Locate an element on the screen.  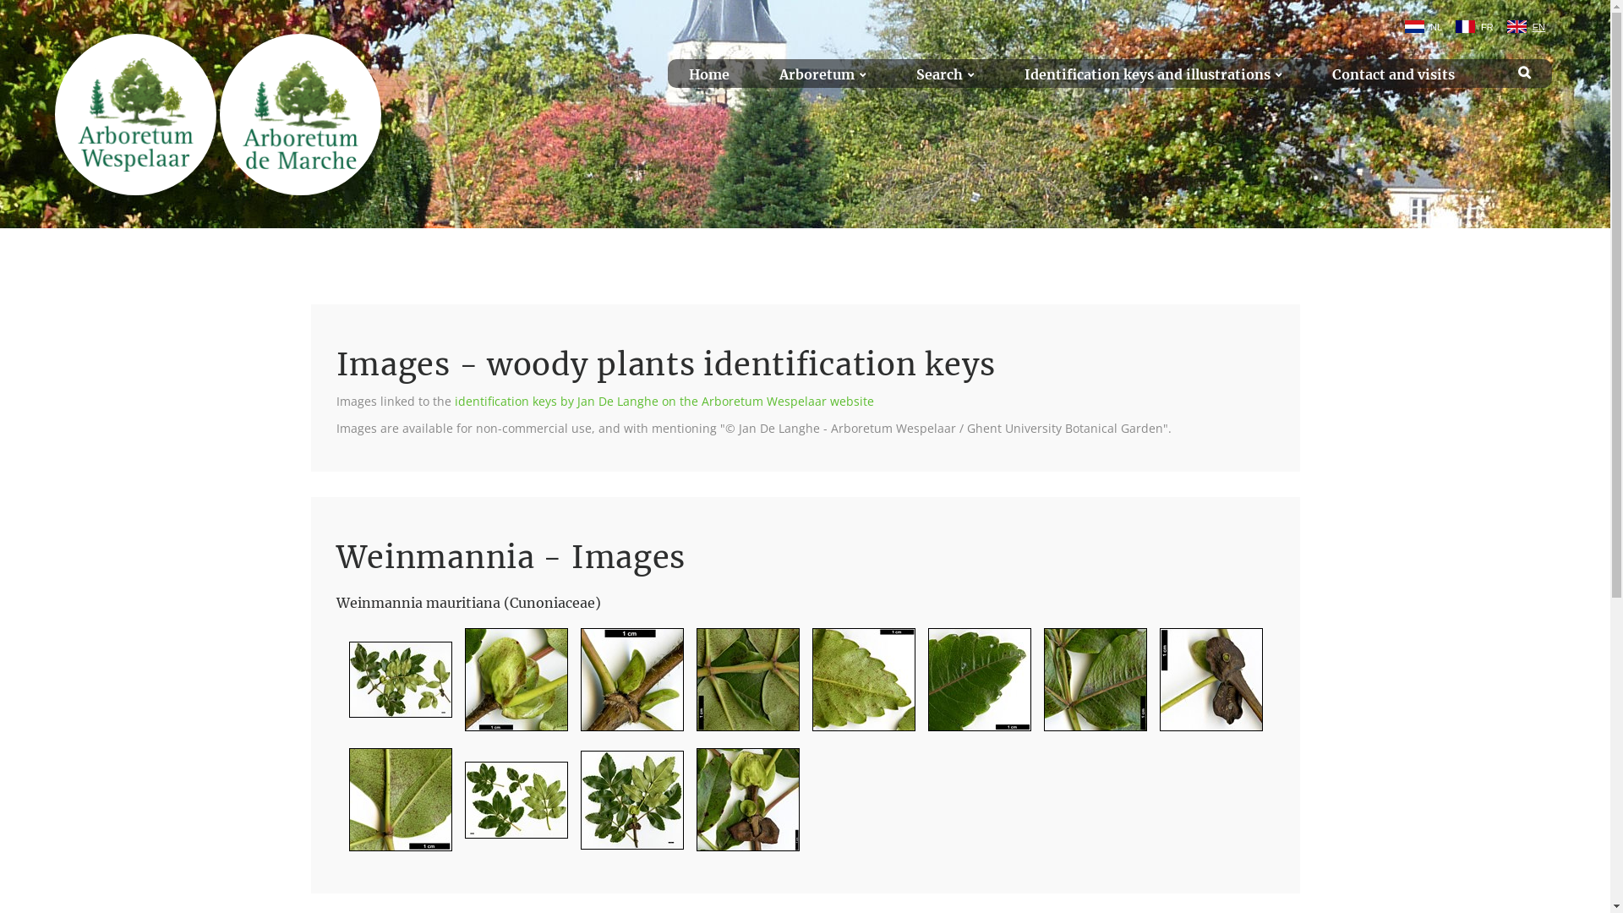
'Identification keys and illustrations' is located at coordinates (1152, 74).